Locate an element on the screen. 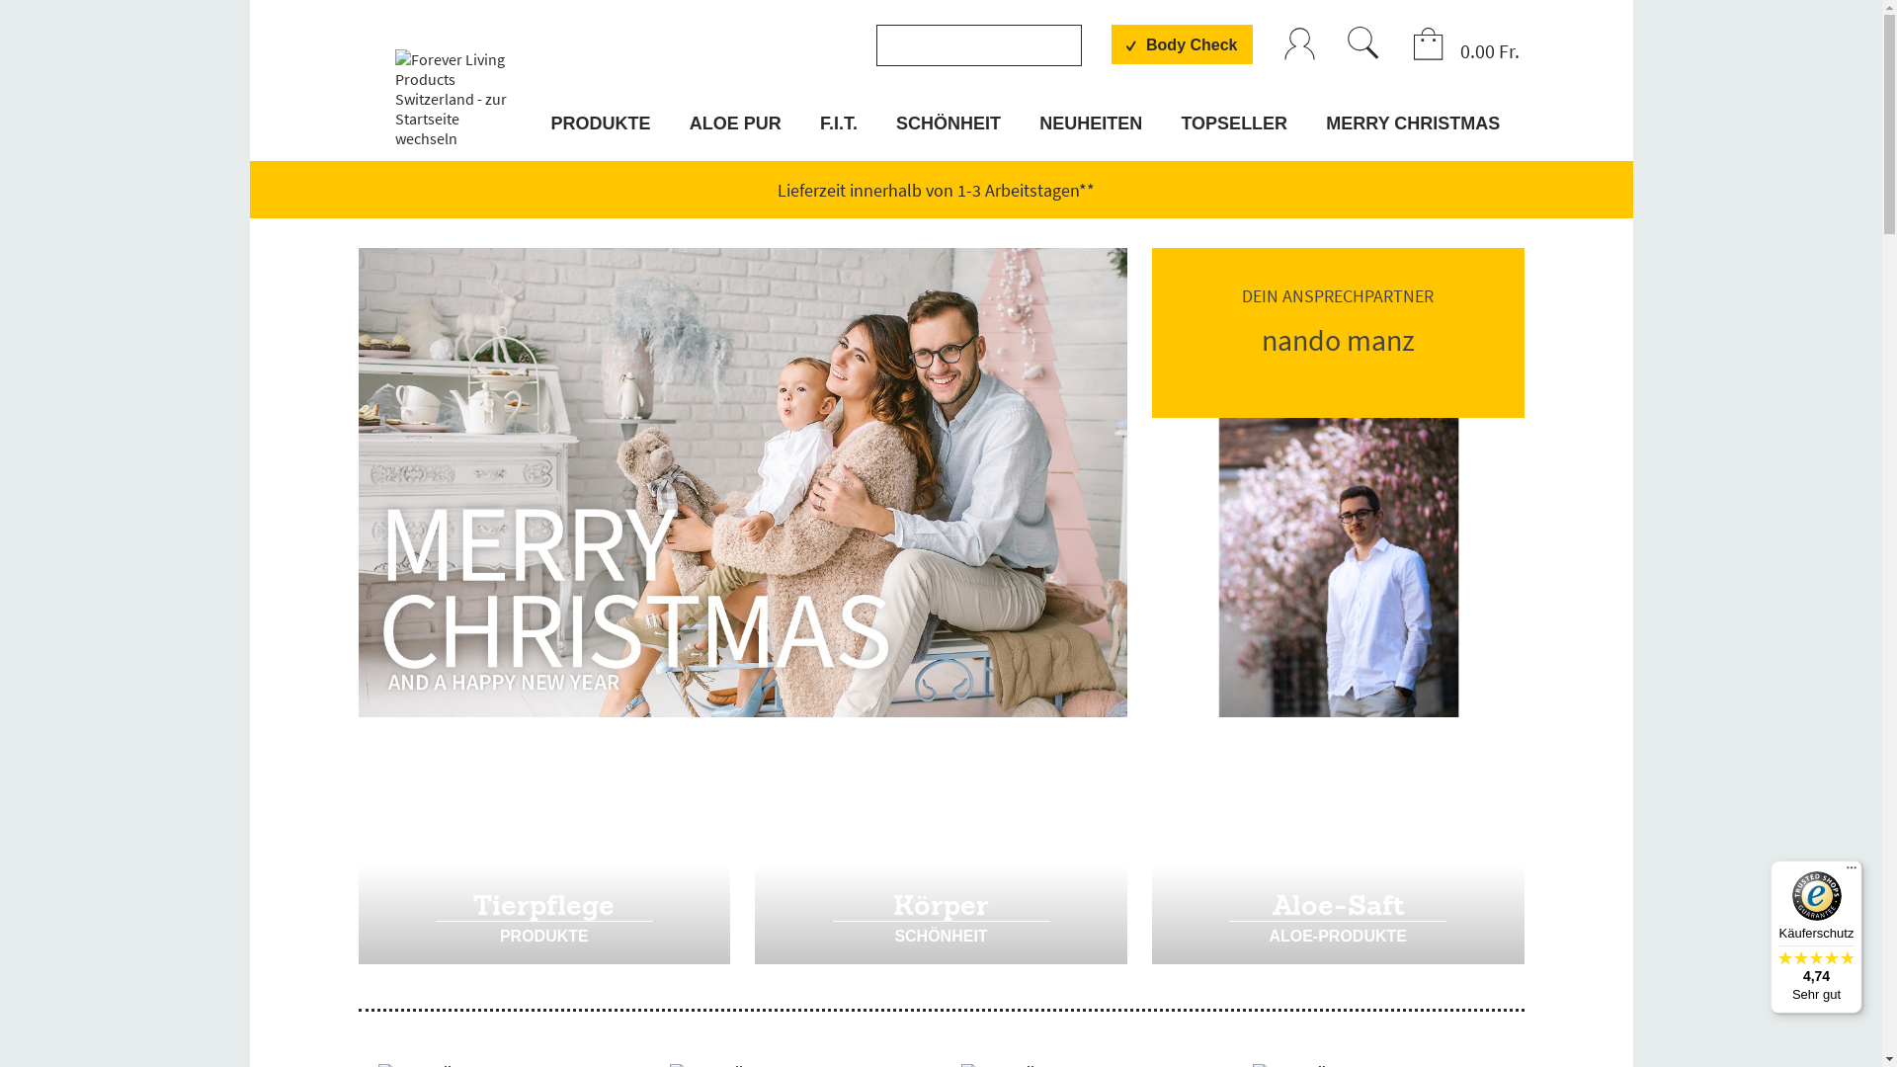  'Warenkorb' is located at coordinates (1410, 44).